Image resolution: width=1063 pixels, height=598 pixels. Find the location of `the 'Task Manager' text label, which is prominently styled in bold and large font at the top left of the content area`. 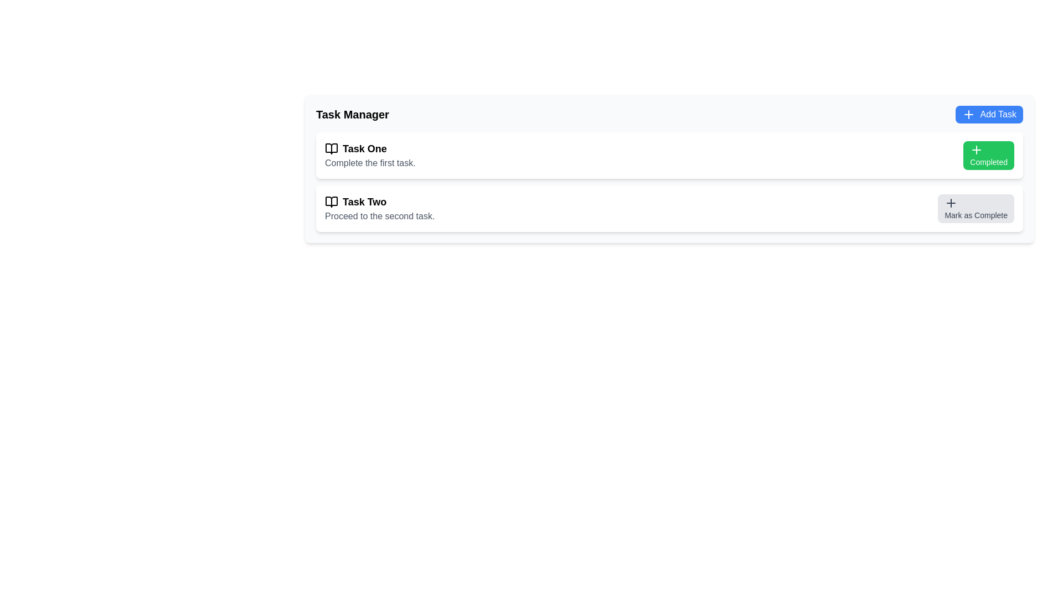

the 'Task Manager' text label, which is prominently styled in bold and large font at the top left of the content area is located at coordinates (352, 115).